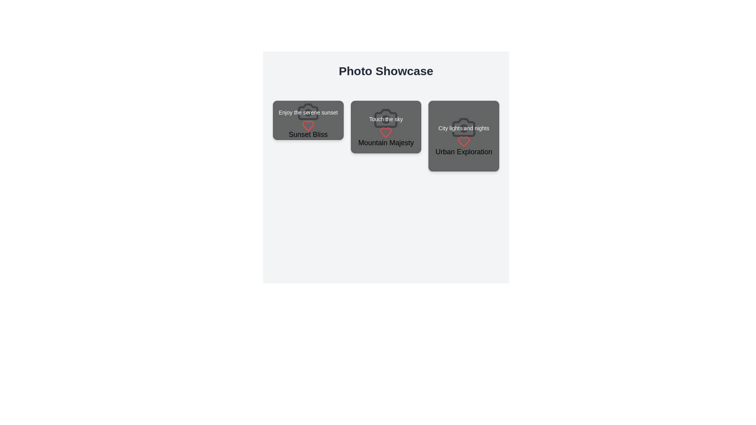  What do you see at coordinates (308, 126) in the screenshot?
I see `the heart icon located centrally within the card titled 'Sunset Bliss', which is positioned near the bottom of the card` at bounding box center [308, 126].